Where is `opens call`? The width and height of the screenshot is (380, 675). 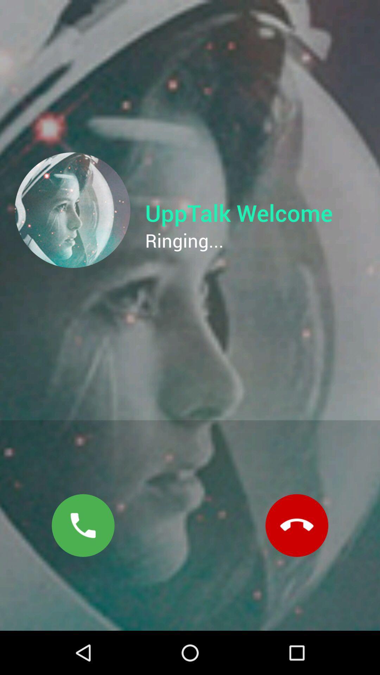 opens call is located at coordinates (83, 525).